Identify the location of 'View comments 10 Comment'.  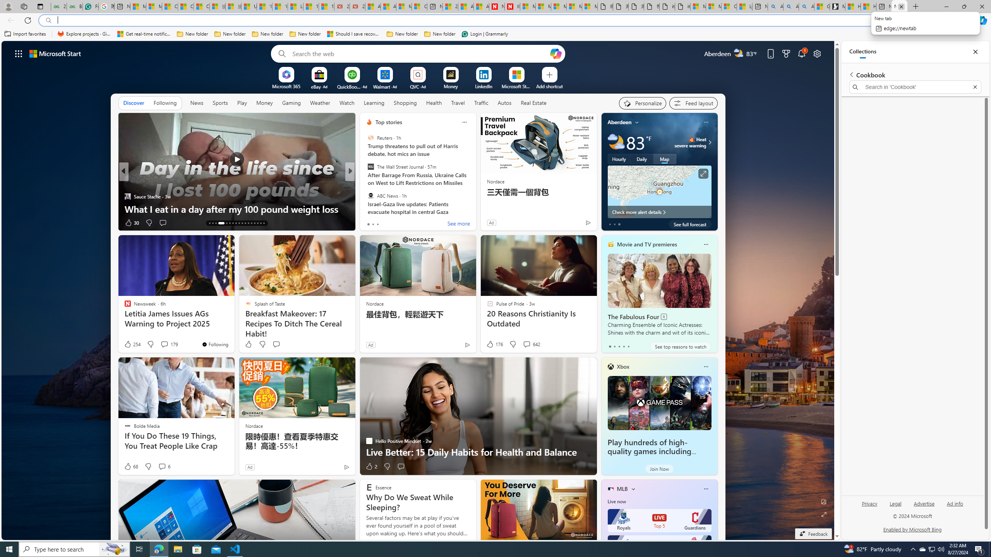
(404, 222).